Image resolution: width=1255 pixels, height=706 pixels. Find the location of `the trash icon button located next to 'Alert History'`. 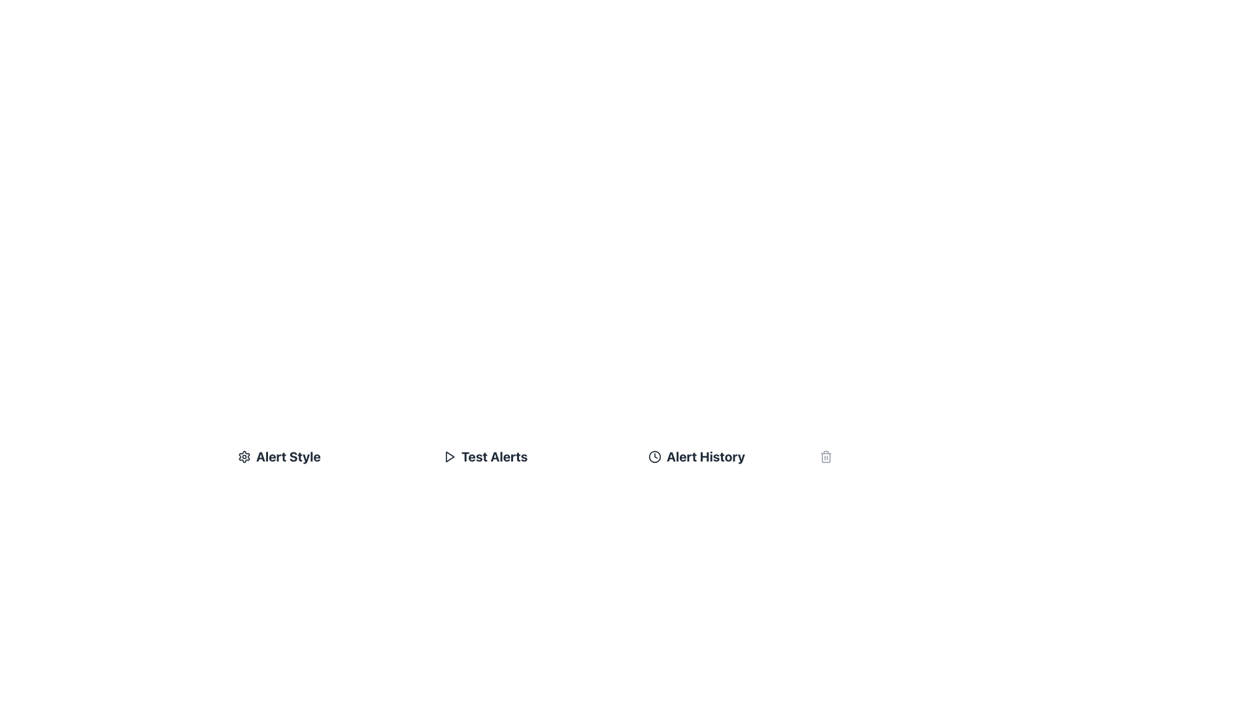

the trash icon button located next to 'Alert History' is located at coordinates (825, 456).